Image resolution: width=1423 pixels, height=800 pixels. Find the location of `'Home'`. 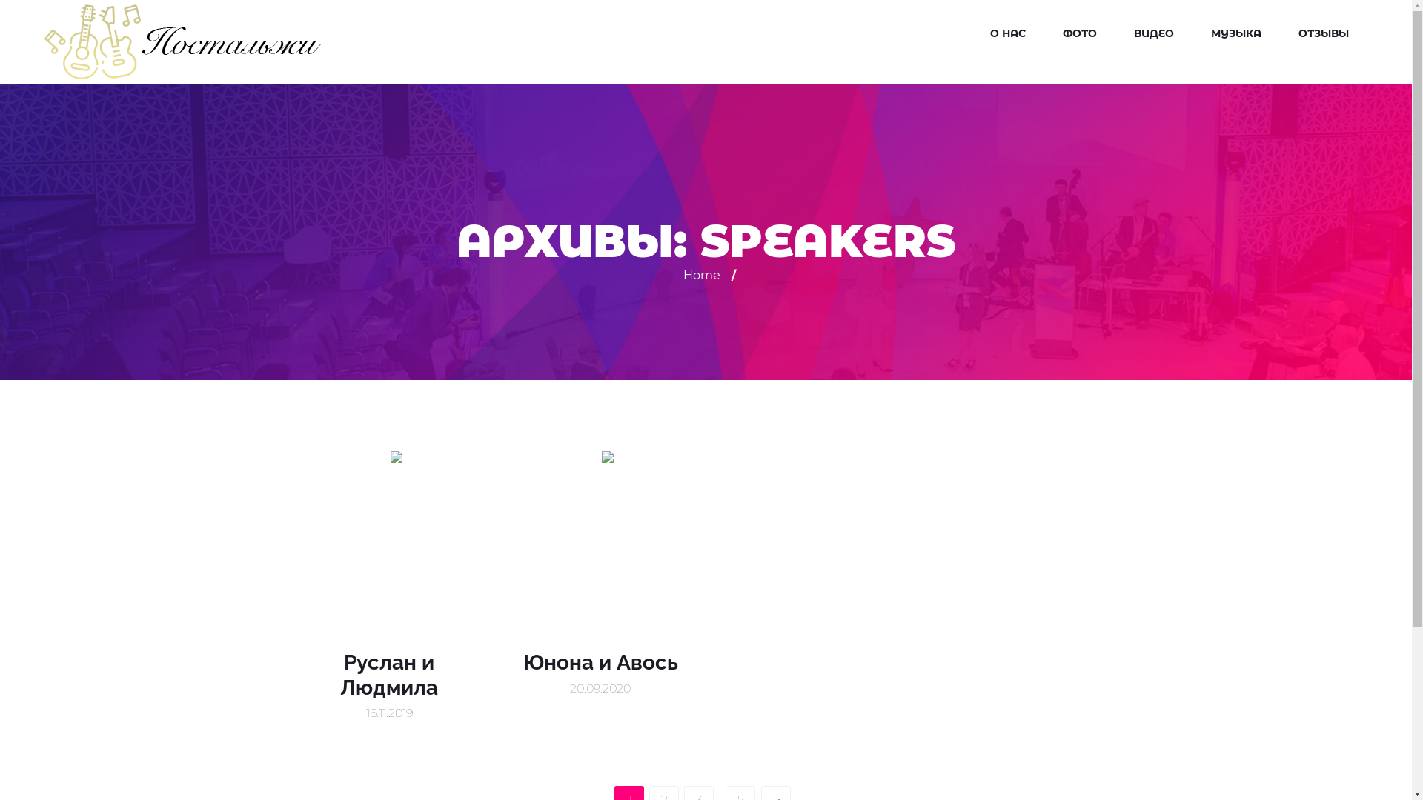

'Home' is located at coordinates (700, 275).